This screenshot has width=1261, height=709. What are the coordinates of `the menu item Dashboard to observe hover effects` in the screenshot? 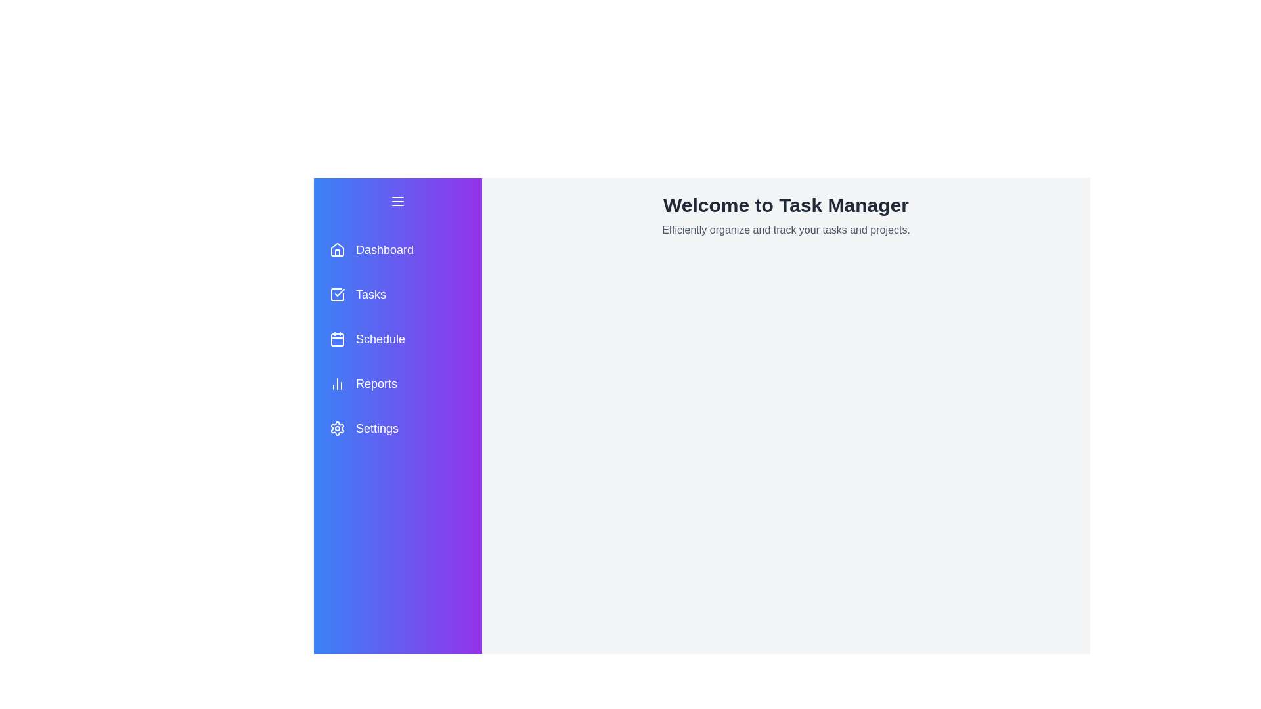 It's located at (397, 250).